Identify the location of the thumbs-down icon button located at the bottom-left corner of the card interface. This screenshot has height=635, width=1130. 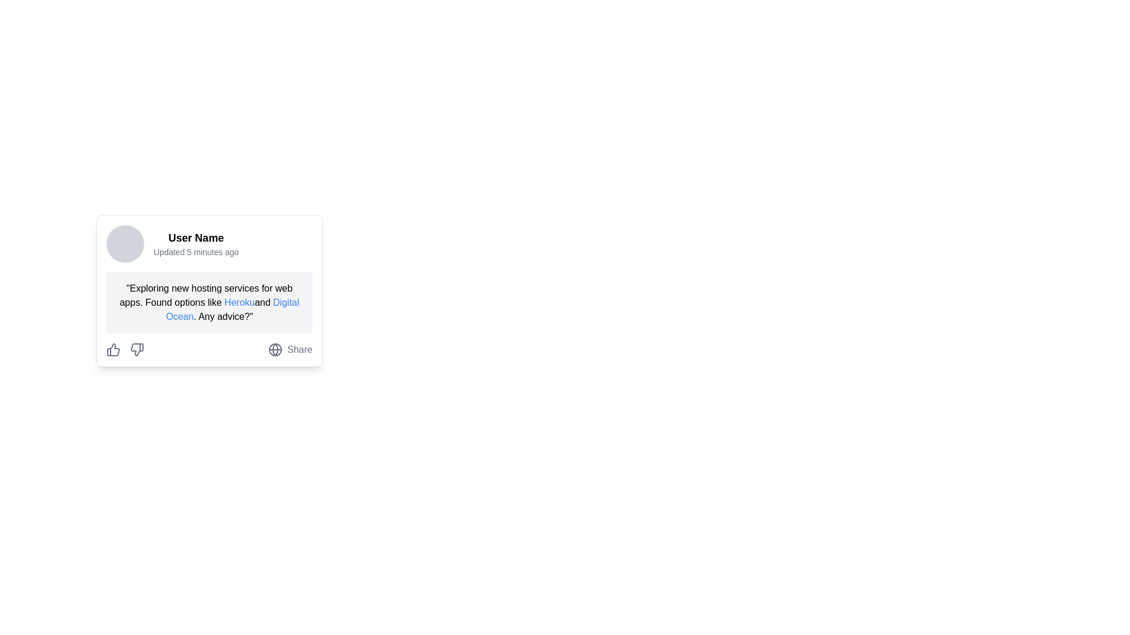
(137, 349).